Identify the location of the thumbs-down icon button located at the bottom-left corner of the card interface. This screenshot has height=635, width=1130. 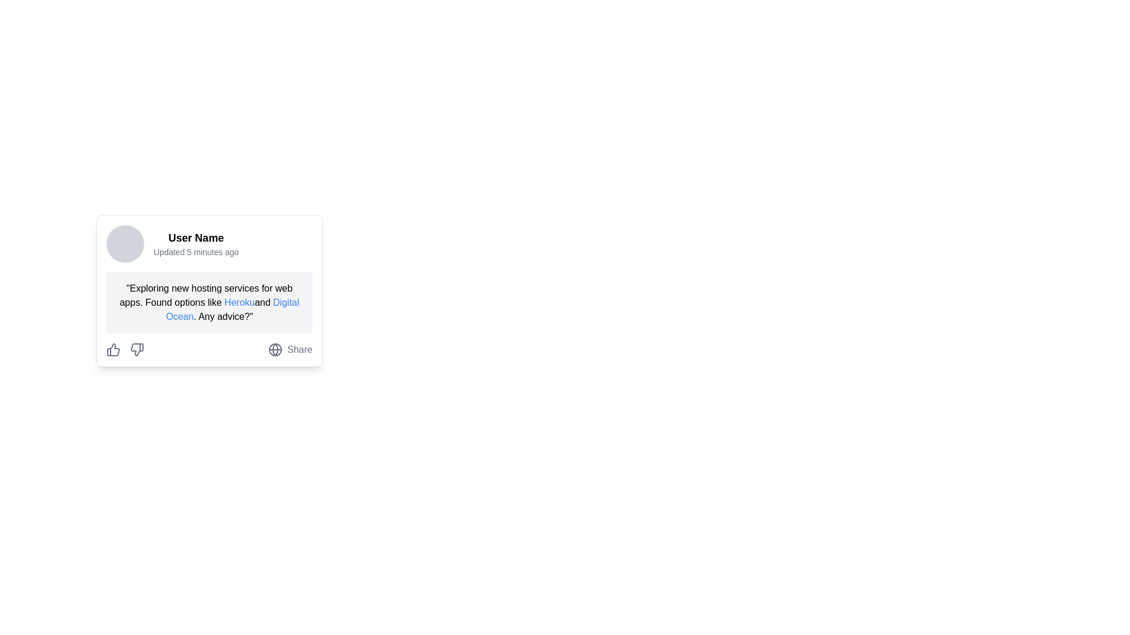
(137, 349).